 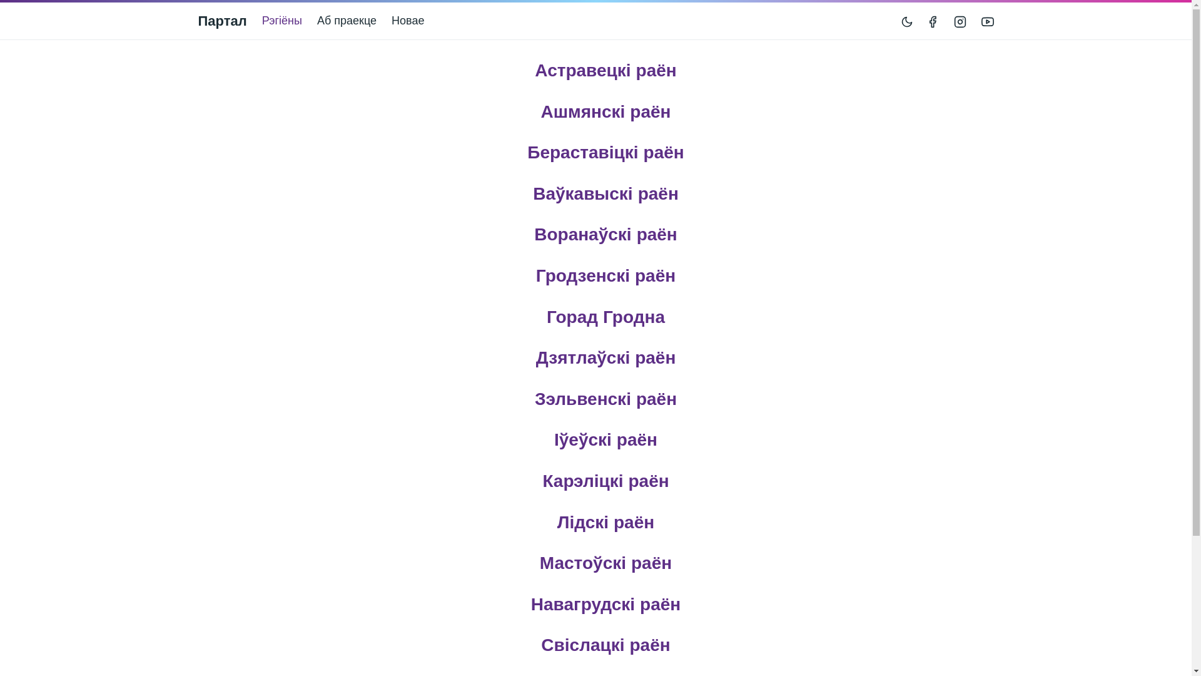 What do you see at coordinates (959, 21) in the screenshot?
I see `'Instagram'` at bounding box center [959, 21].